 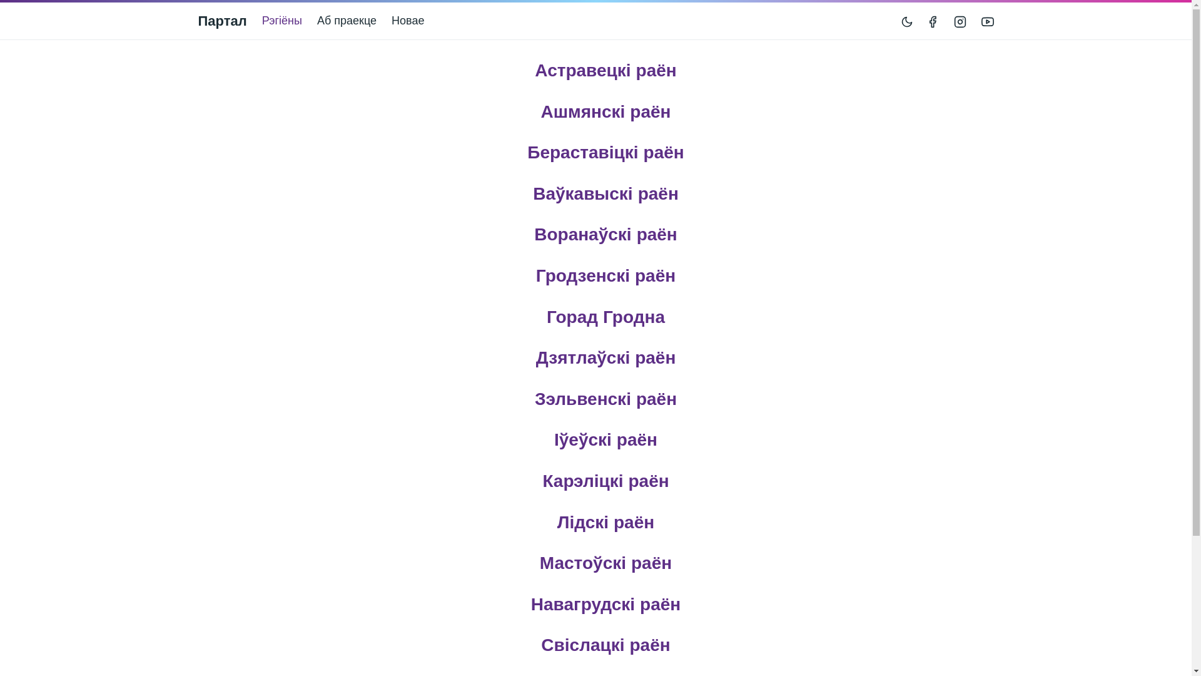 What do you see at coordinates (959, 21) in the screenshot?
I see `'Instagram'` at bounding box center [959, 21].